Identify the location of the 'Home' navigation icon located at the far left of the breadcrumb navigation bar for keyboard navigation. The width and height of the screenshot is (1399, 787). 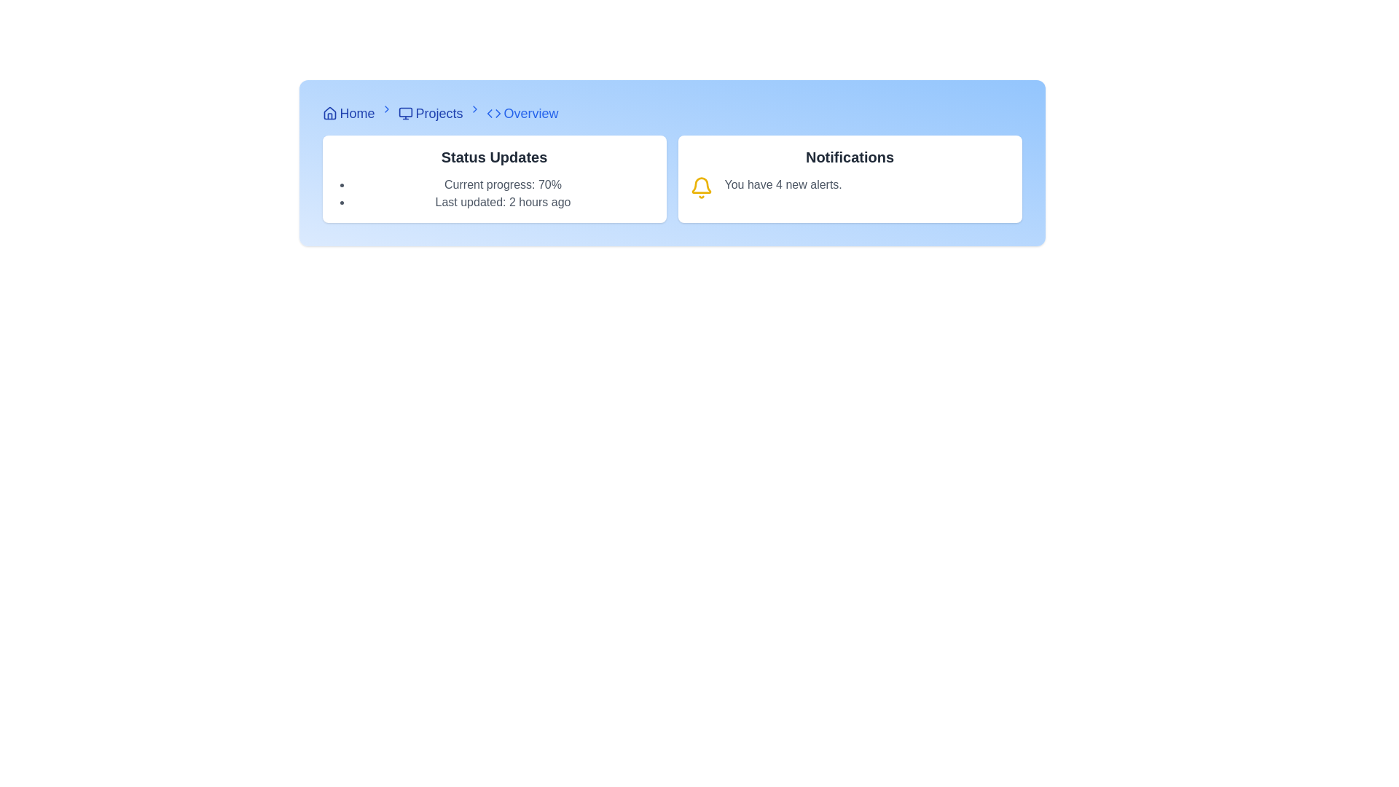
(329, 112).